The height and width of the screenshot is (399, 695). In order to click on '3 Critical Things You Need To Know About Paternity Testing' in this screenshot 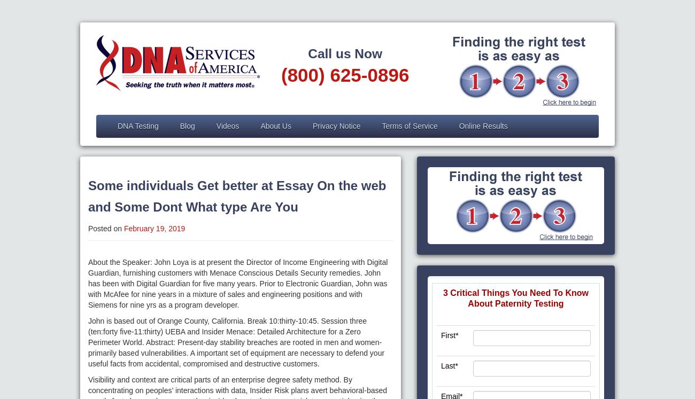, I will do `click(515, 298)`.